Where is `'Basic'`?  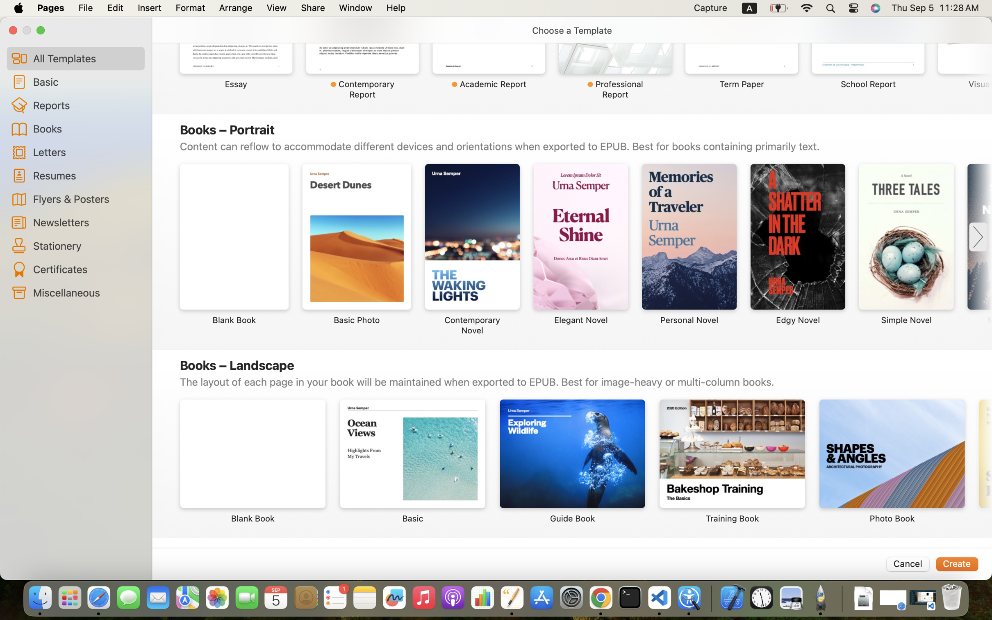 'Basic' is located at coordinates (85, 82).